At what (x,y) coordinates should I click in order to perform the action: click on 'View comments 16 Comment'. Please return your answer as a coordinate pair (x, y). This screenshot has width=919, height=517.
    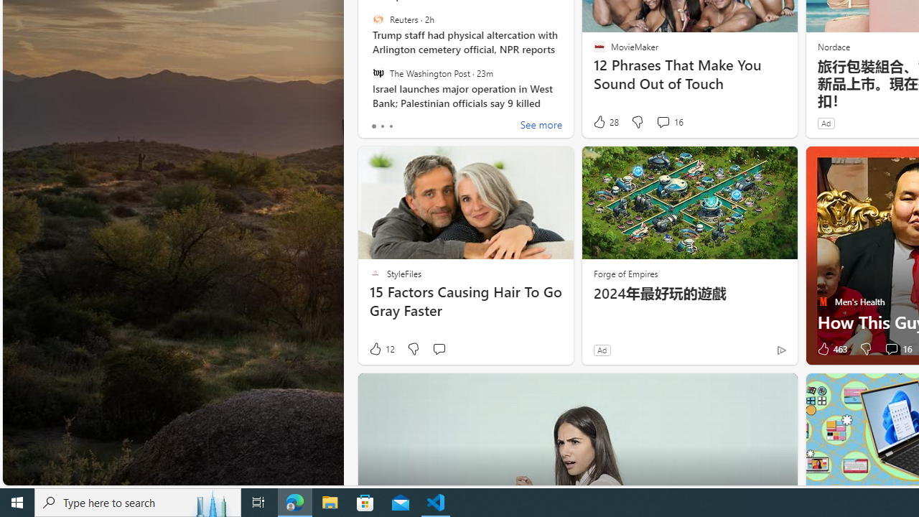
    Looking at the image, I should click on (890, 349).